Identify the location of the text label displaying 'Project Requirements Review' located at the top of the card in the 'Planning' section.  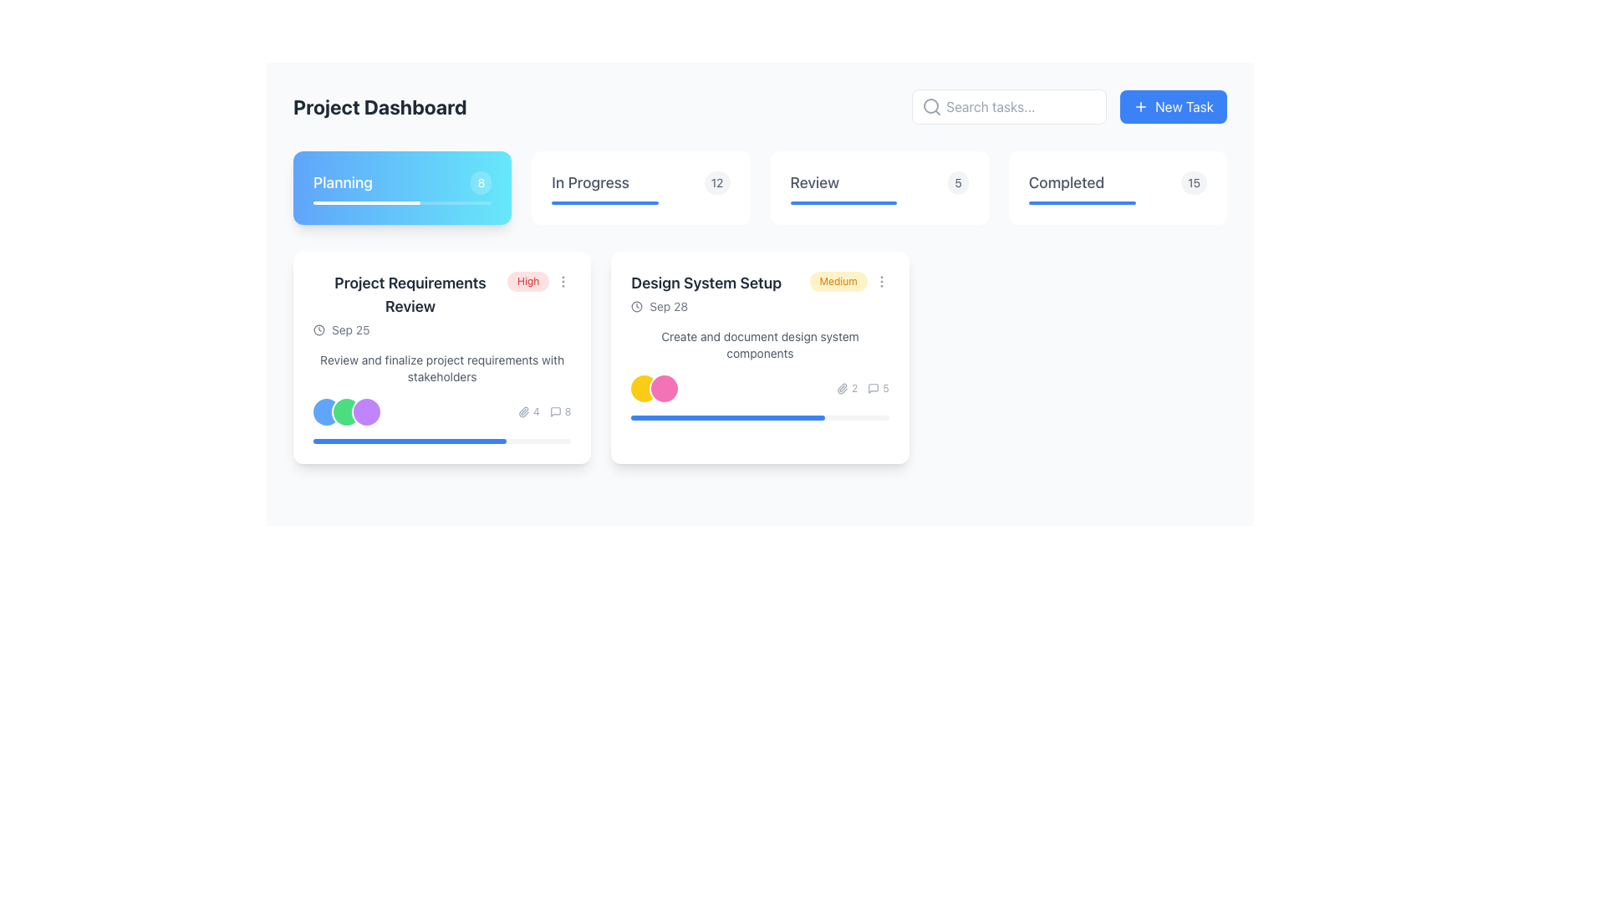
(410, 294).